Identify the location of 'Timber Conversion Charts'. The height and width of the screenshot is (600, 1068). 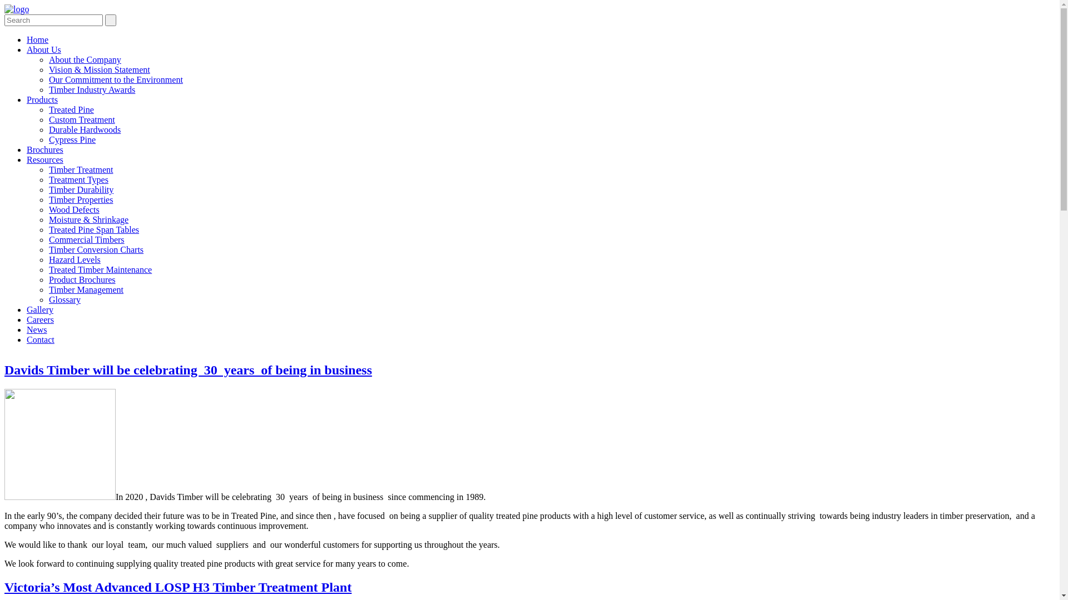
(96, 249).